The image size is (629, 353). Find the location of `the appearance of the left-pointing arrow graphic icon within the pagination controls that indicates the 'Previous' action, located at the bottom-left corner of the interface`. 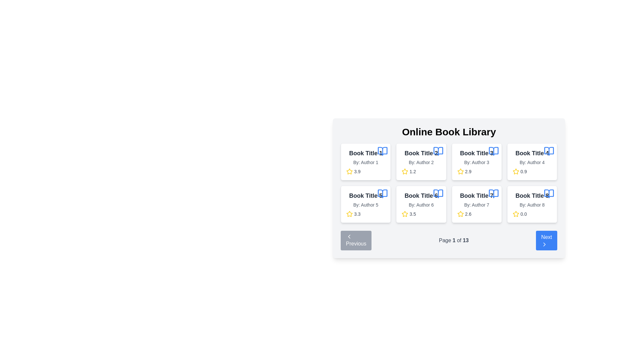

the appearance of the left-pointing arrow graphic icon within the pagination controls that indicates the 'Previous' action, located at the bottom-left corner of the interface is located at coordinates (349, 237).